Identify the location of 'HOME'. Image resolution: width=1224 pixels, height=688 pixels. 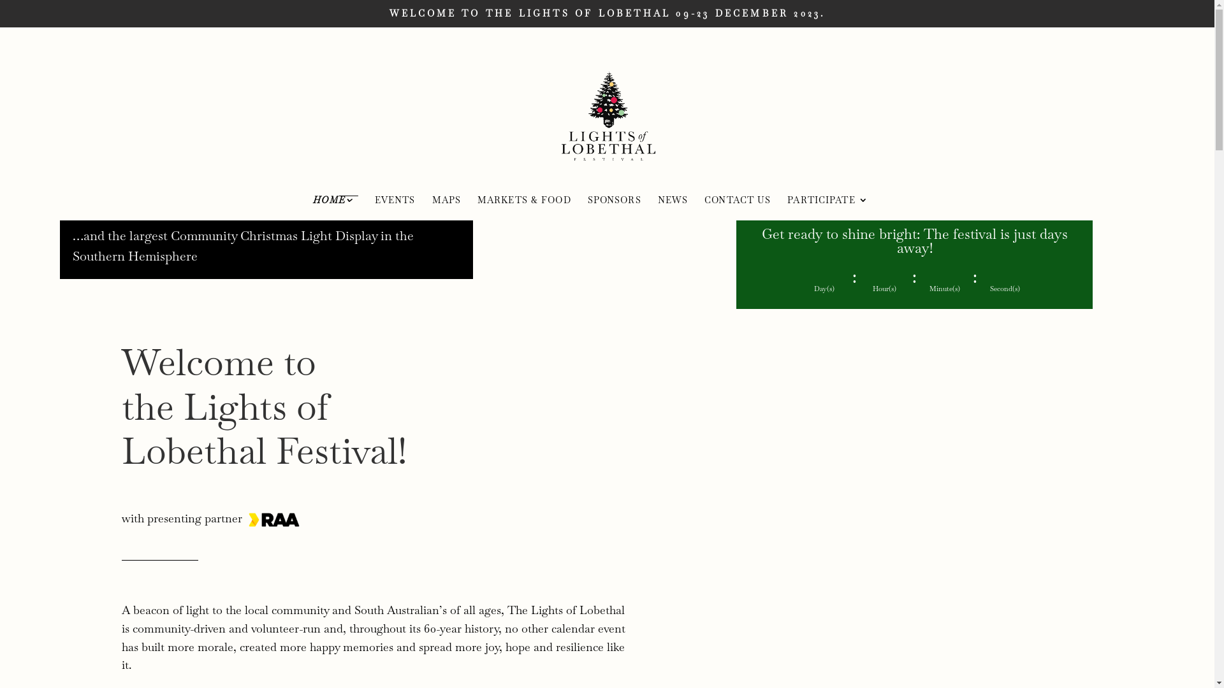
(335, 207).